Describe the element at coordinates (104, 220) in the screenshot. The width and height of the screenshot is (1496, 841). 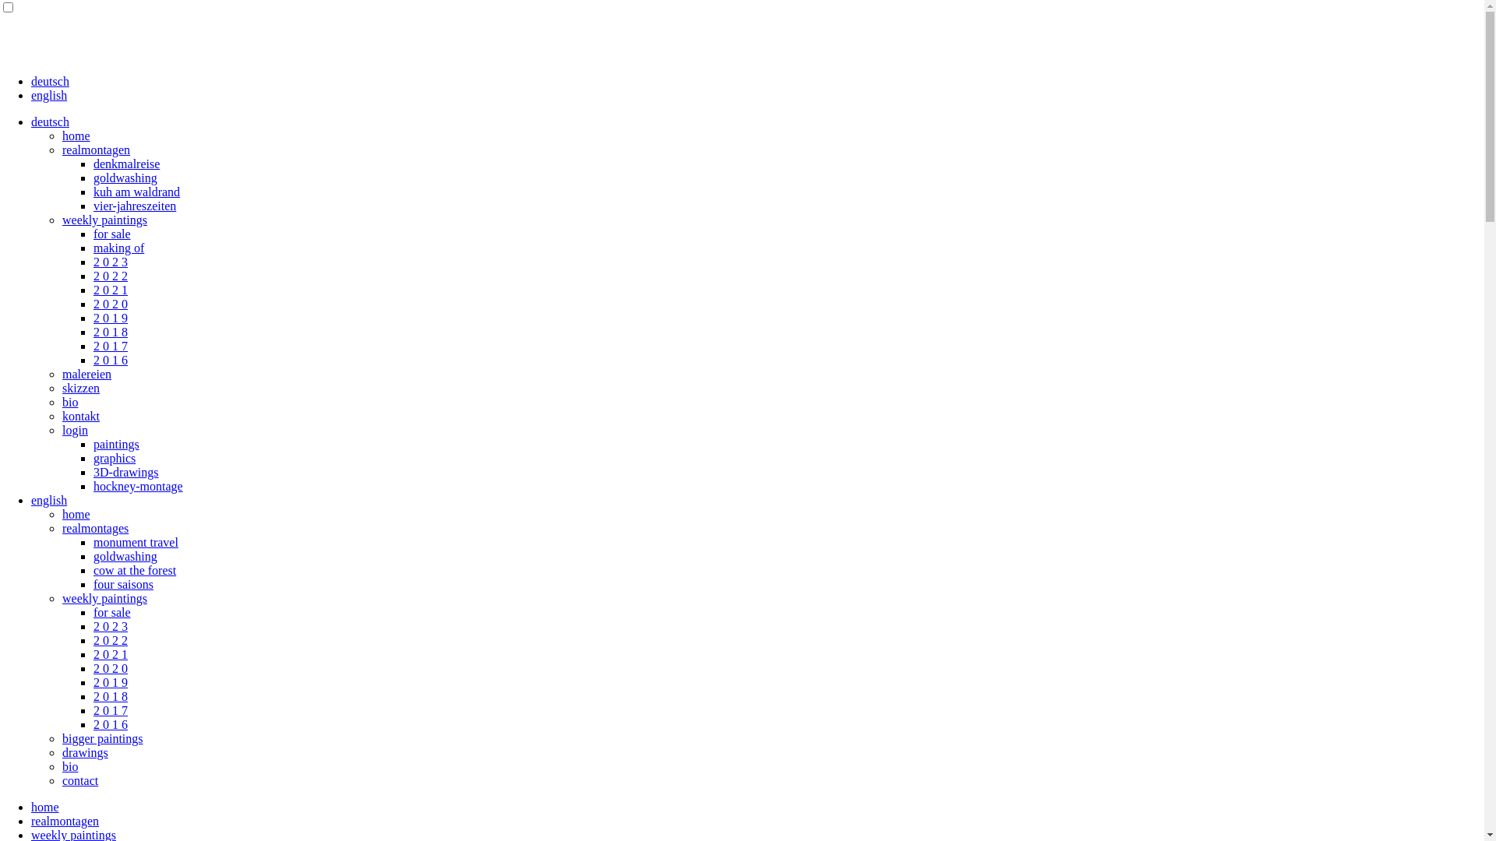
I see `'weekly paintings'` at that location.